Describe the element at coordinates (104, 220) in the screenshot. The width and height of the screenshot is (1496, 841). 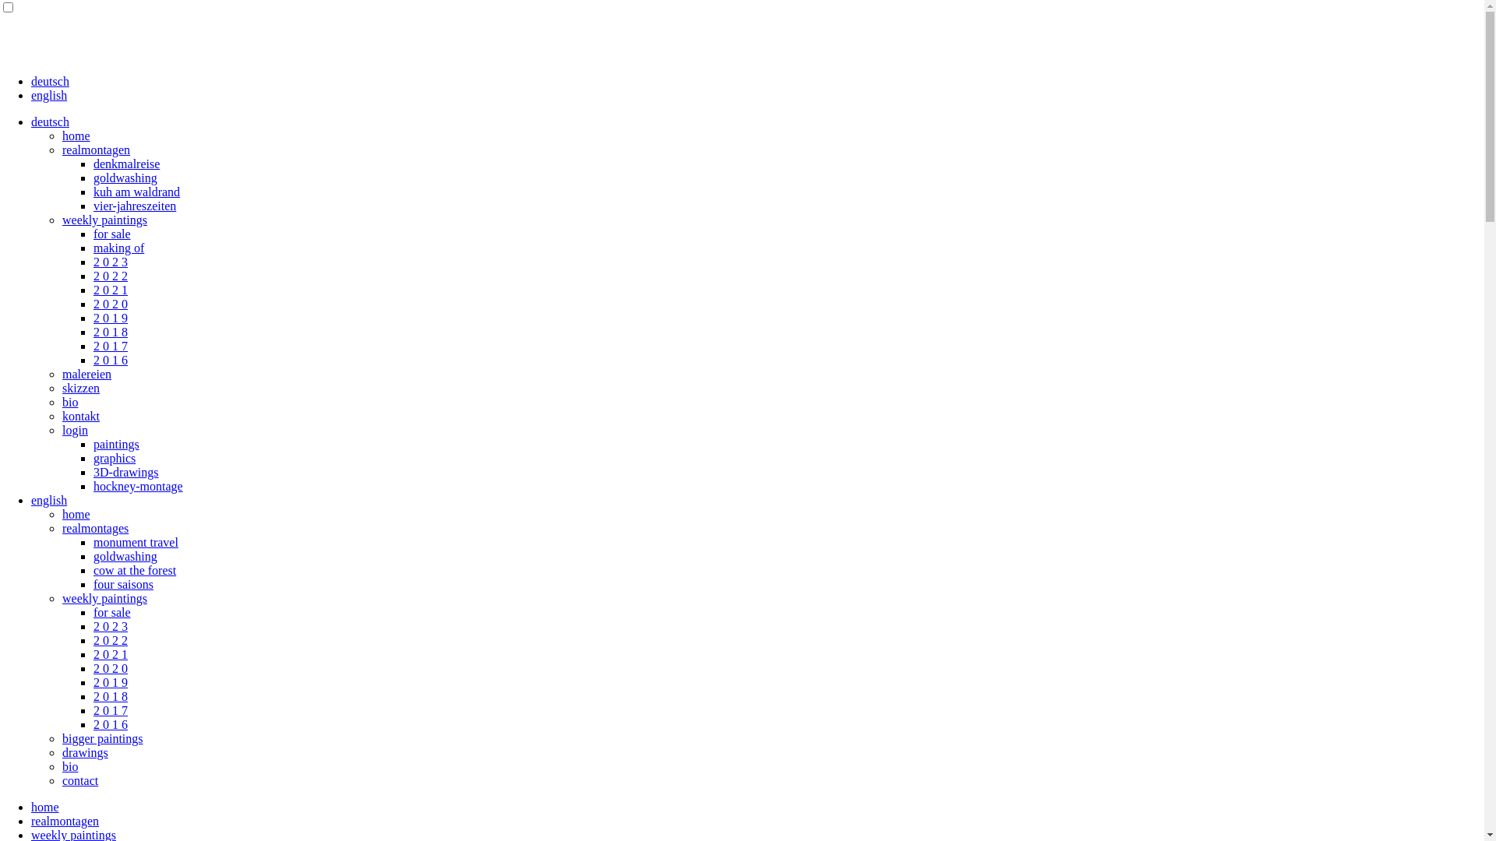
I see `'weekly paintings'` at that location.